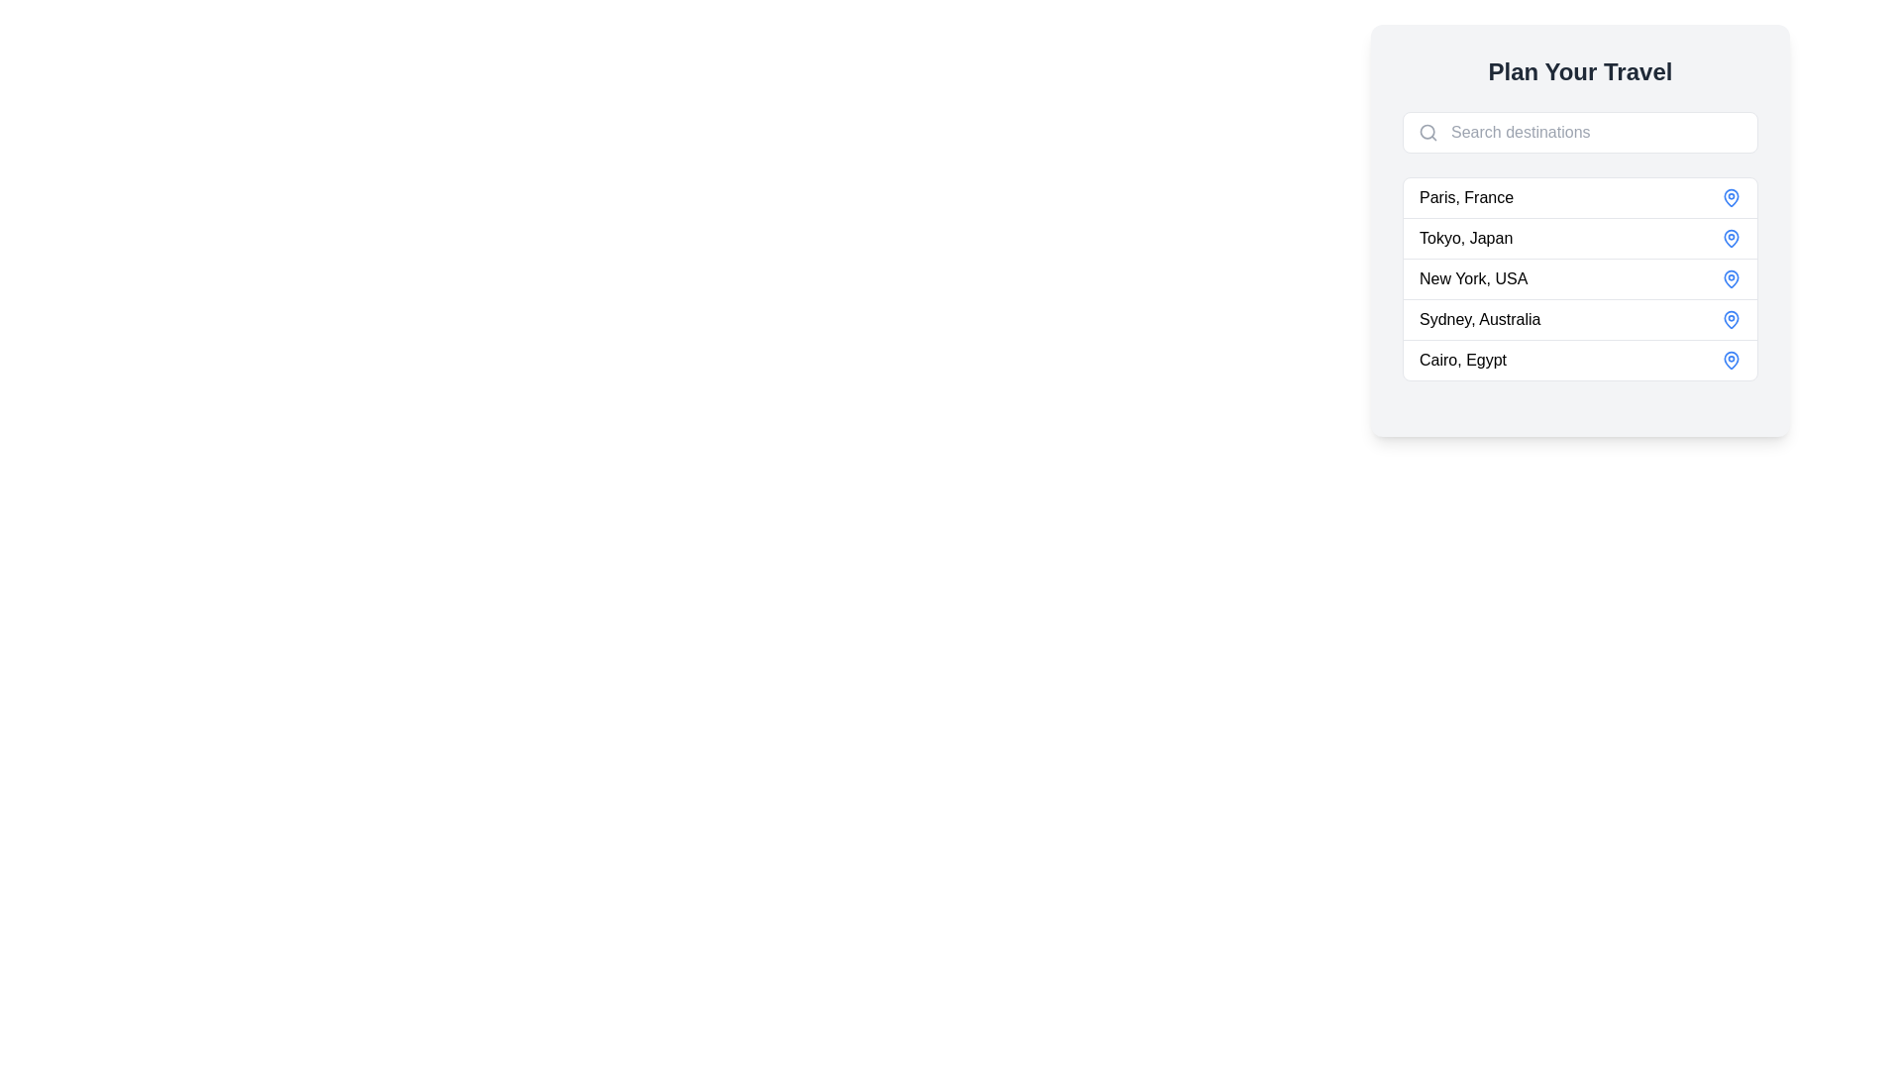 The height and width of the screenshot is (1070, 1902). I want to click on the first list item representing the selectable destination option for 'Paris, France', so click(1579, 198).